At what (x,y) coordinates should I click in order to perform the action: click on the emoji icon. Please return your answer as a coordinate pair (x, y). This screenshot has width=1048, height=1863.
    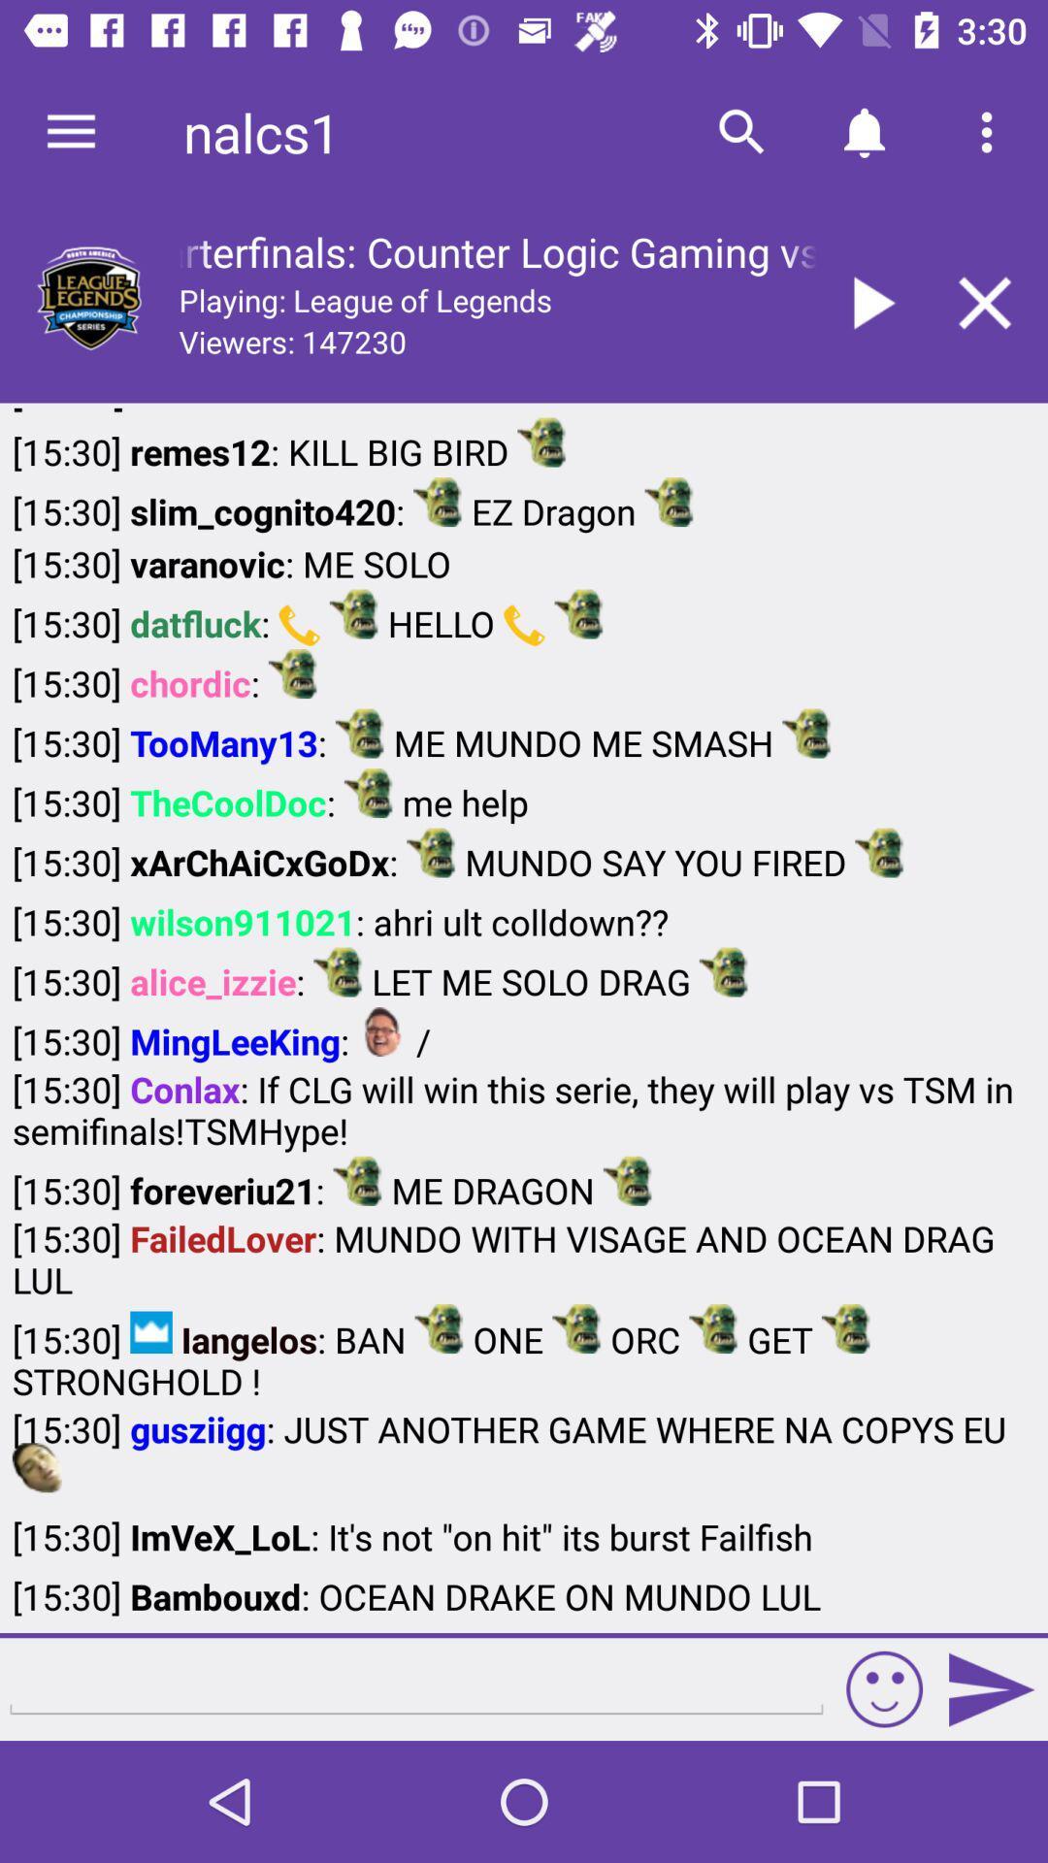
    Looking at the image, I should click on (884, 1688).